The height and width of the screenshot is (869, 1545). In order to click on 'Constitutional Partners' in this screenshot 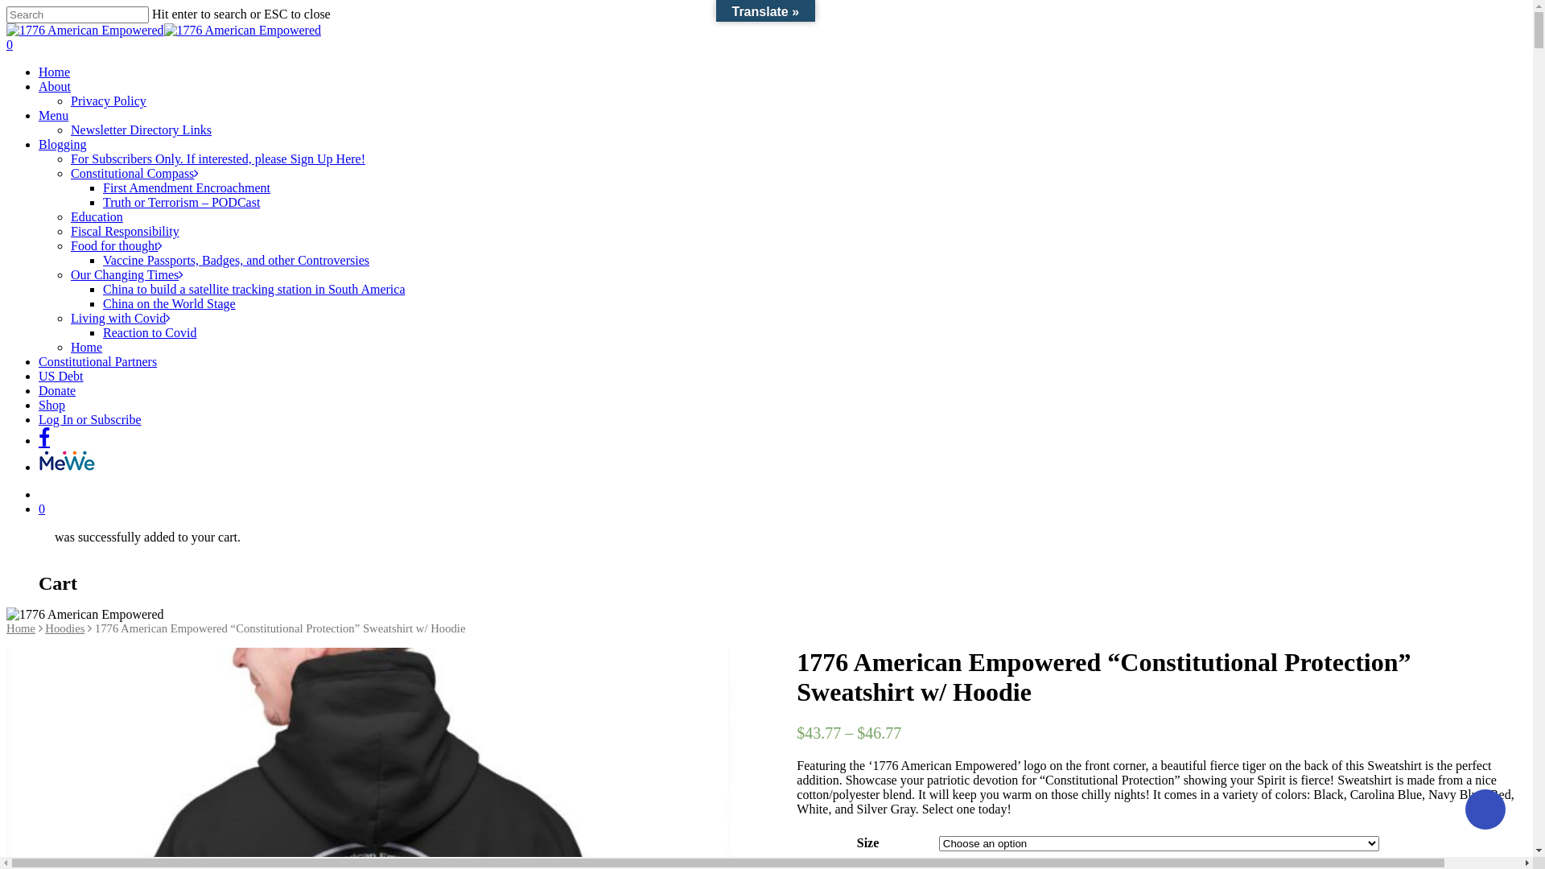, I will do `click(97, 360)`.